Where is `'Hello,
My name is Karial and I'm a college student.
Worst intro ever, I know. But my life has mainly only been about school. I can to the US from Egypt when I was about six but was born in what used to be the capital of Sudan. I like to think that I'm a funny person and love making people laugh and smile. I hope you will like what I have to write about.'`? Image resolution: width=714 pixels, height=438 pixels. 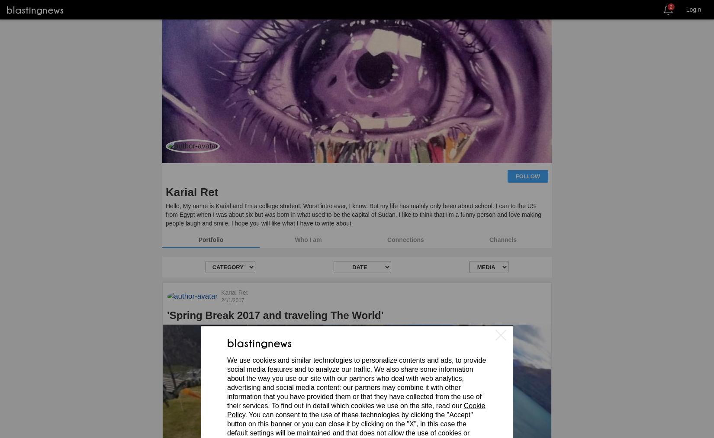 'Hello,
My name is Karial and I'm a college student.
Worst intro ever, I know. But my life has mainly only been about school. I can to the US from Egypt when I was about six but was born in what used to be the capital of Sudan. I like to think that I'm a funny person and love making people laugh and smile. I hope you will like what I have to write about.' is located at coordinates (353, 214).